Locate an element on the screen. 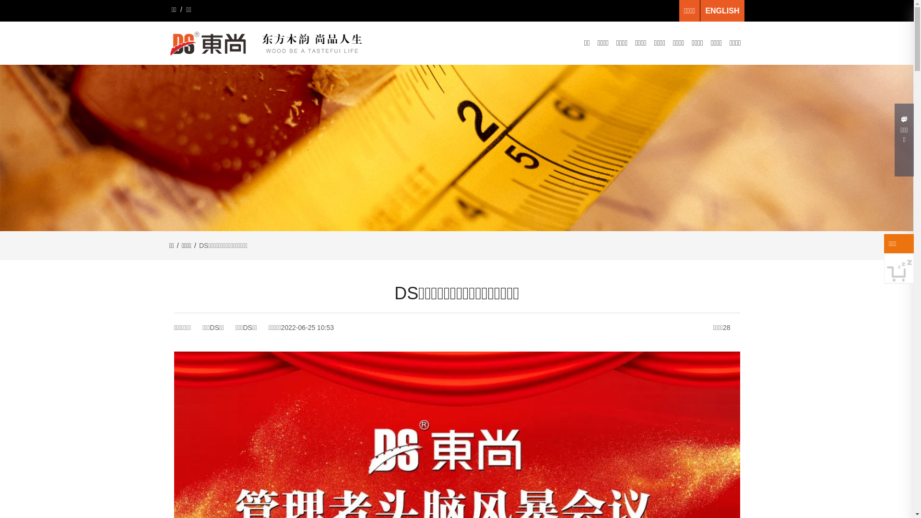 The height and width of the screenshot is (518, 921). 'ENGLISH' is located at coordinates (722, 11).